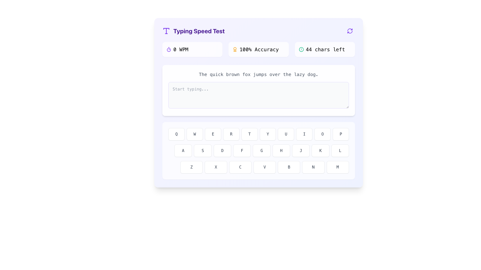 This screenshot has height=270, width=481. I want to click on the fourth button representing the letter 'F' in the typing application grid layout, so click(242, 150).